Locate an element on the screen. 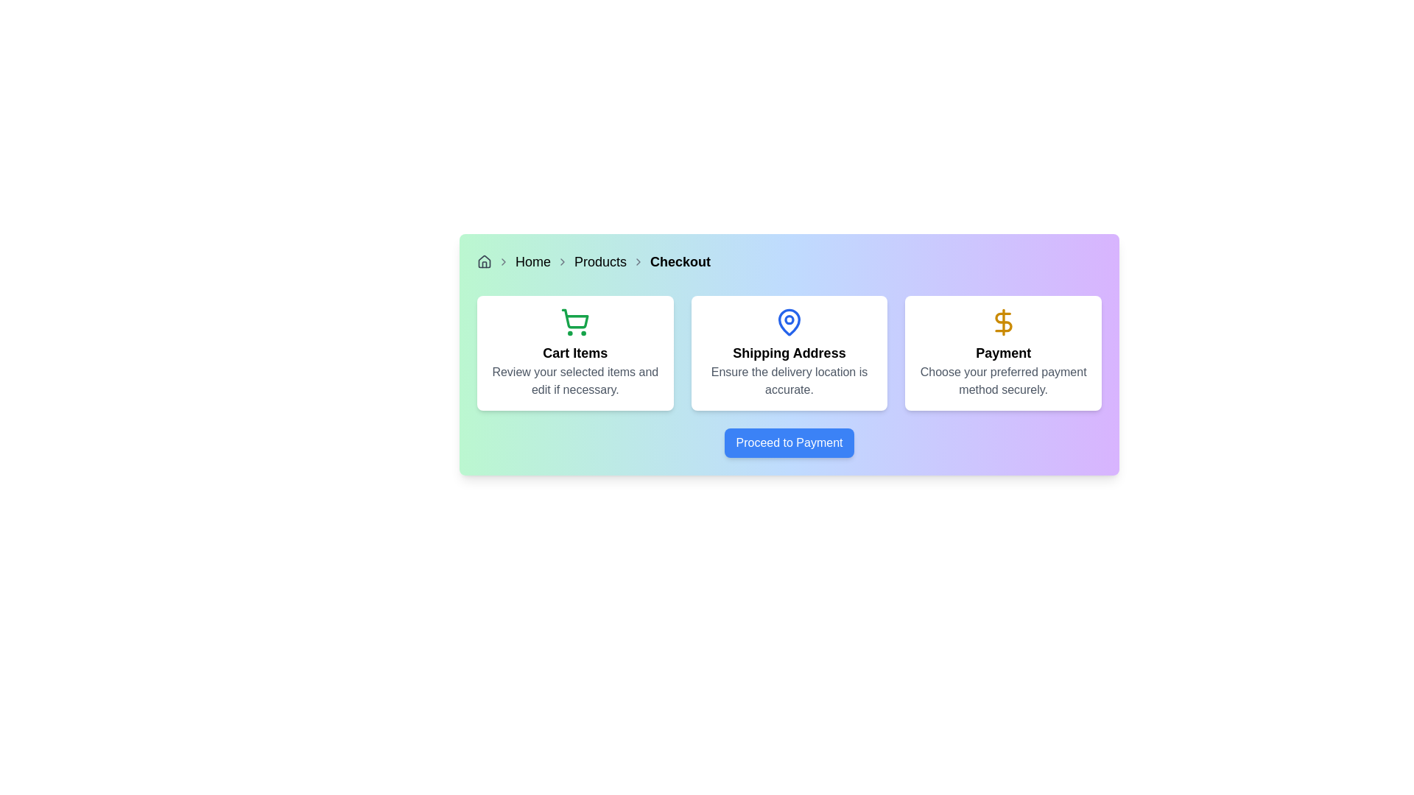  the shopping cart icon located in the 'Cart Items' section, which is centrally placed within the leftmost white card on the interface is located at coordinates (574, 322).